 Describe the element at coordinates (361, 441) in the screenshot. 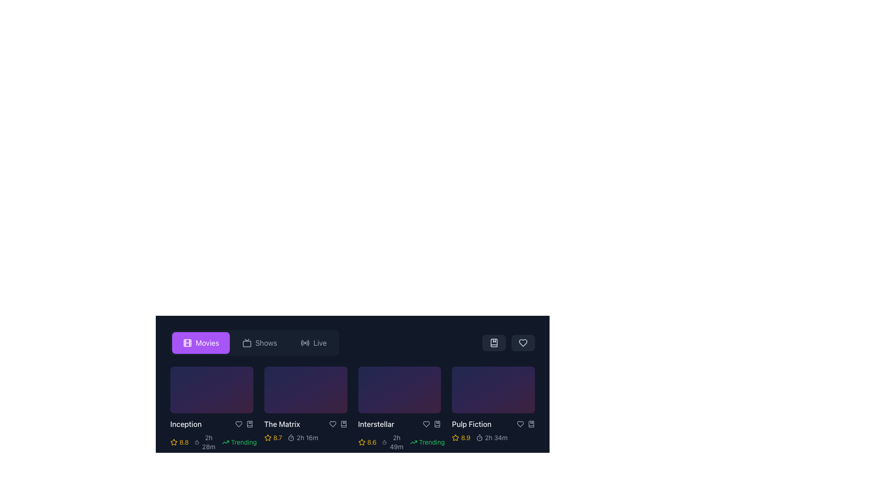

I see `the star-shaped yellow icon` at that location.